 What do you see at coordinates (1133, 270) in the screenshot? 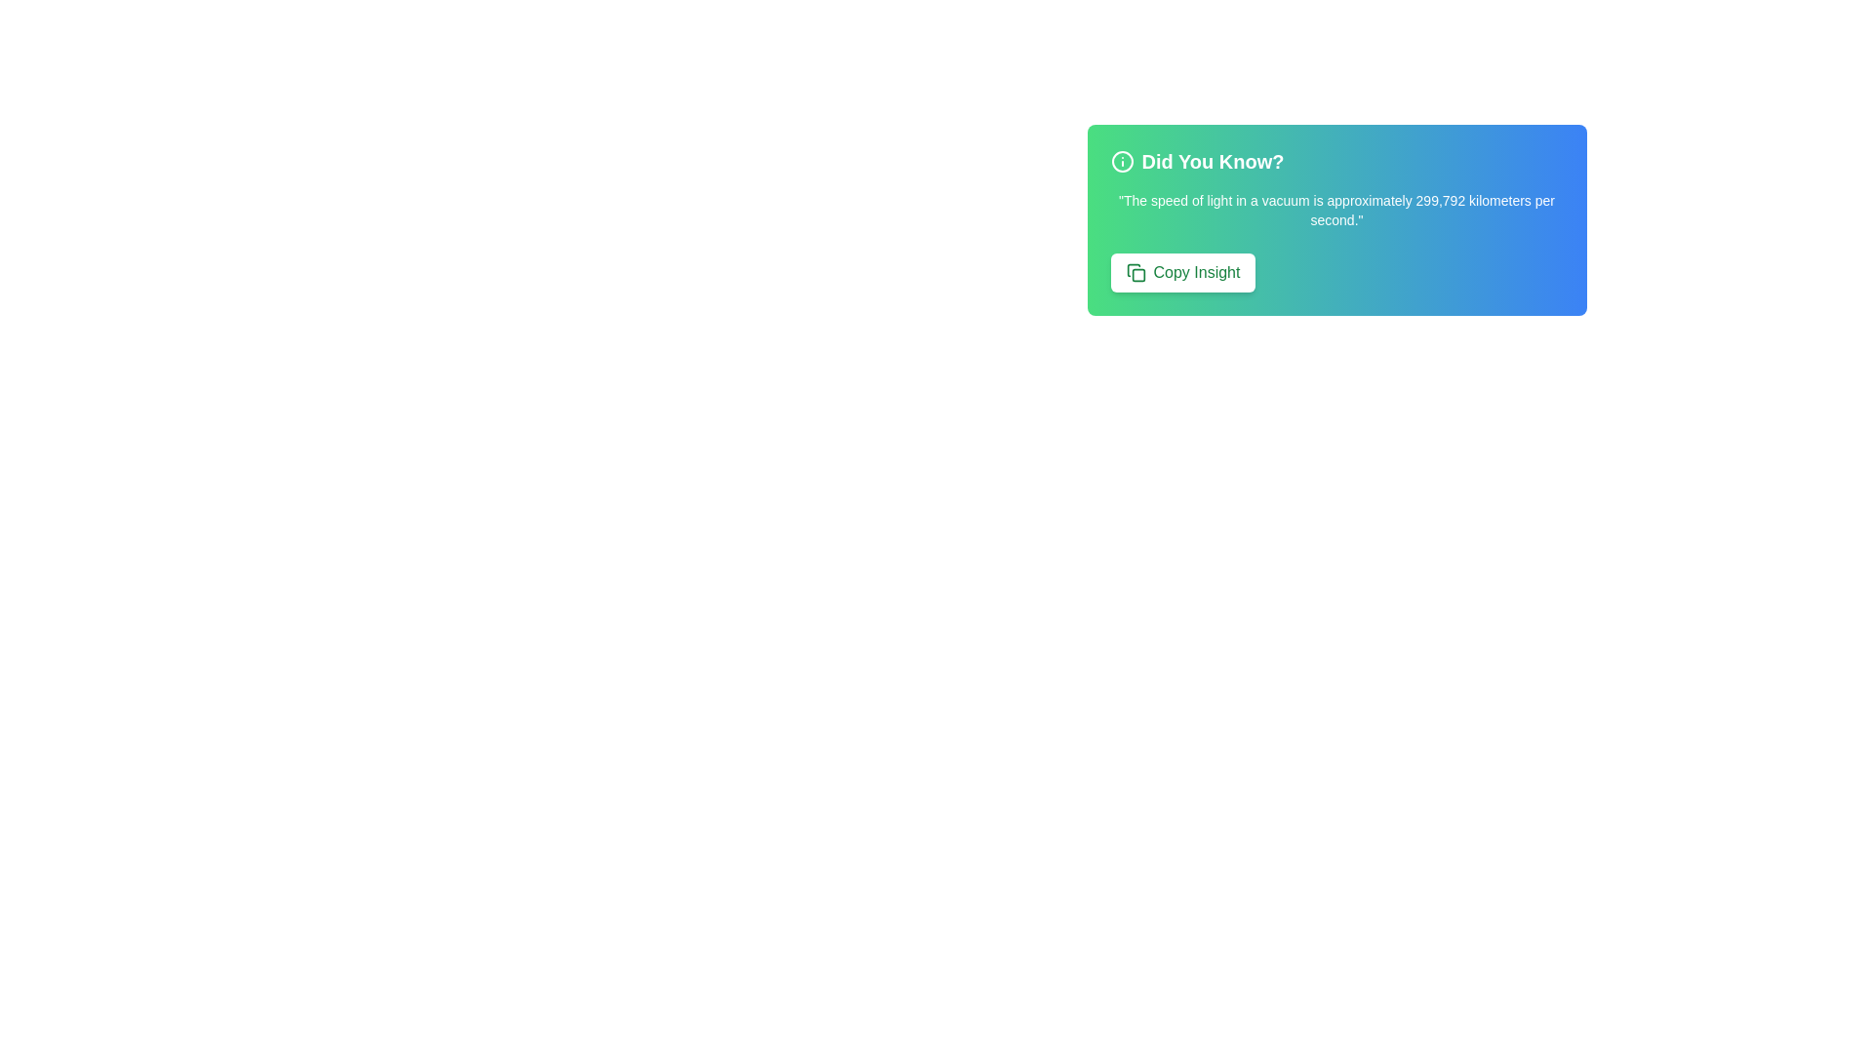
I see `the paper document icon representing a copy action located in the rightmost section of the notification panel` at bounding box center [1133, 270].